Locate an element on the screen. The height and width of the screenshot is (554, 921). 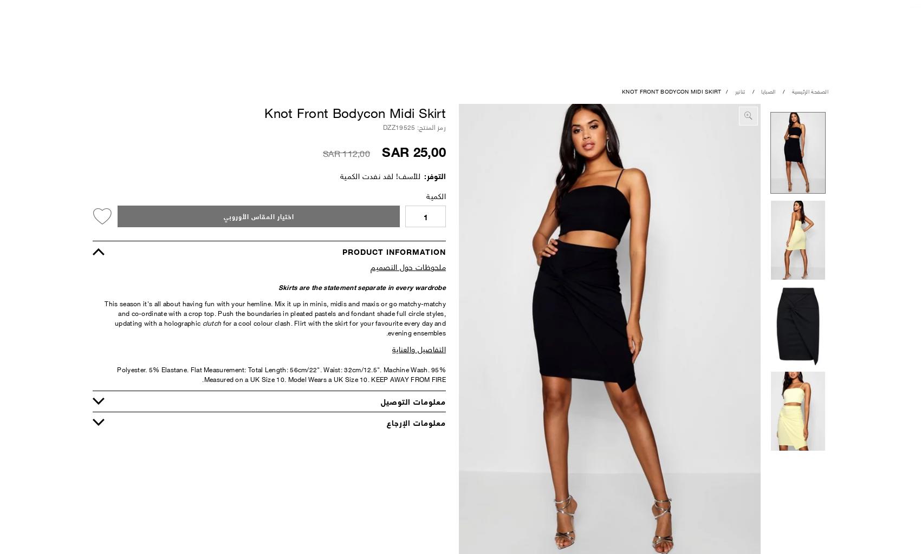
'SAR 25,00' is located at coordinates (413, 150).